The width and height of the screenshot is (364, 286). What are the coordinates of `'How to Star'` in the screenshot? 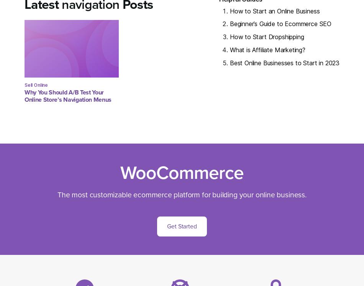 It's located at (247, 37).